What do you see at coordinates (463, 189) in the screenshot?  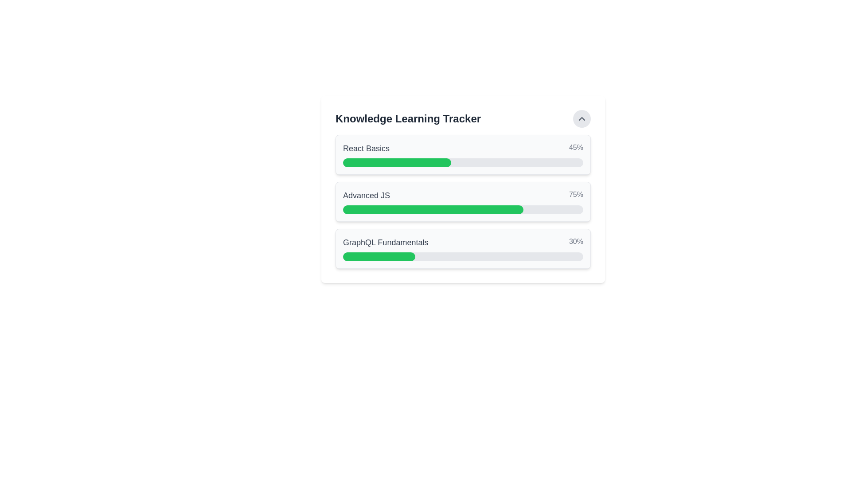 I see `the progress percentage displayed in the centrally located progress display within the 'Knowledge Learning Tracker' card component` at bounding box center [463, 189].